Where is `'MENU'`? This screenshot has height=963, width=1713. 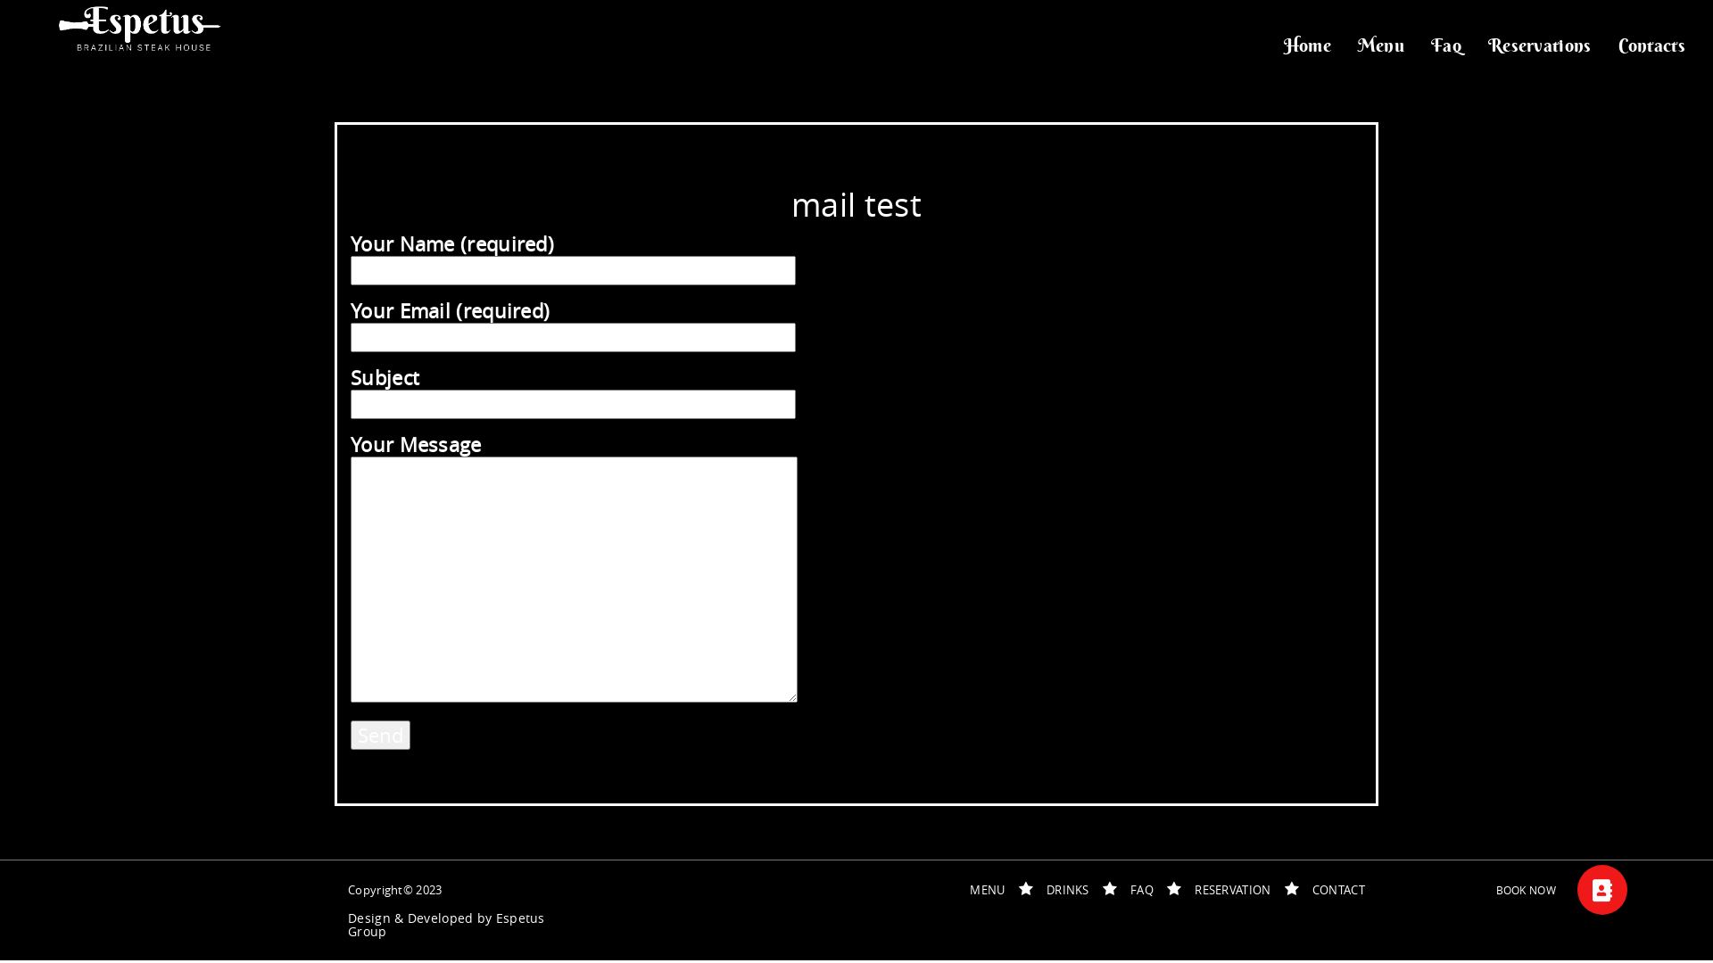 'MENU' is located at coordinates (986, 890).